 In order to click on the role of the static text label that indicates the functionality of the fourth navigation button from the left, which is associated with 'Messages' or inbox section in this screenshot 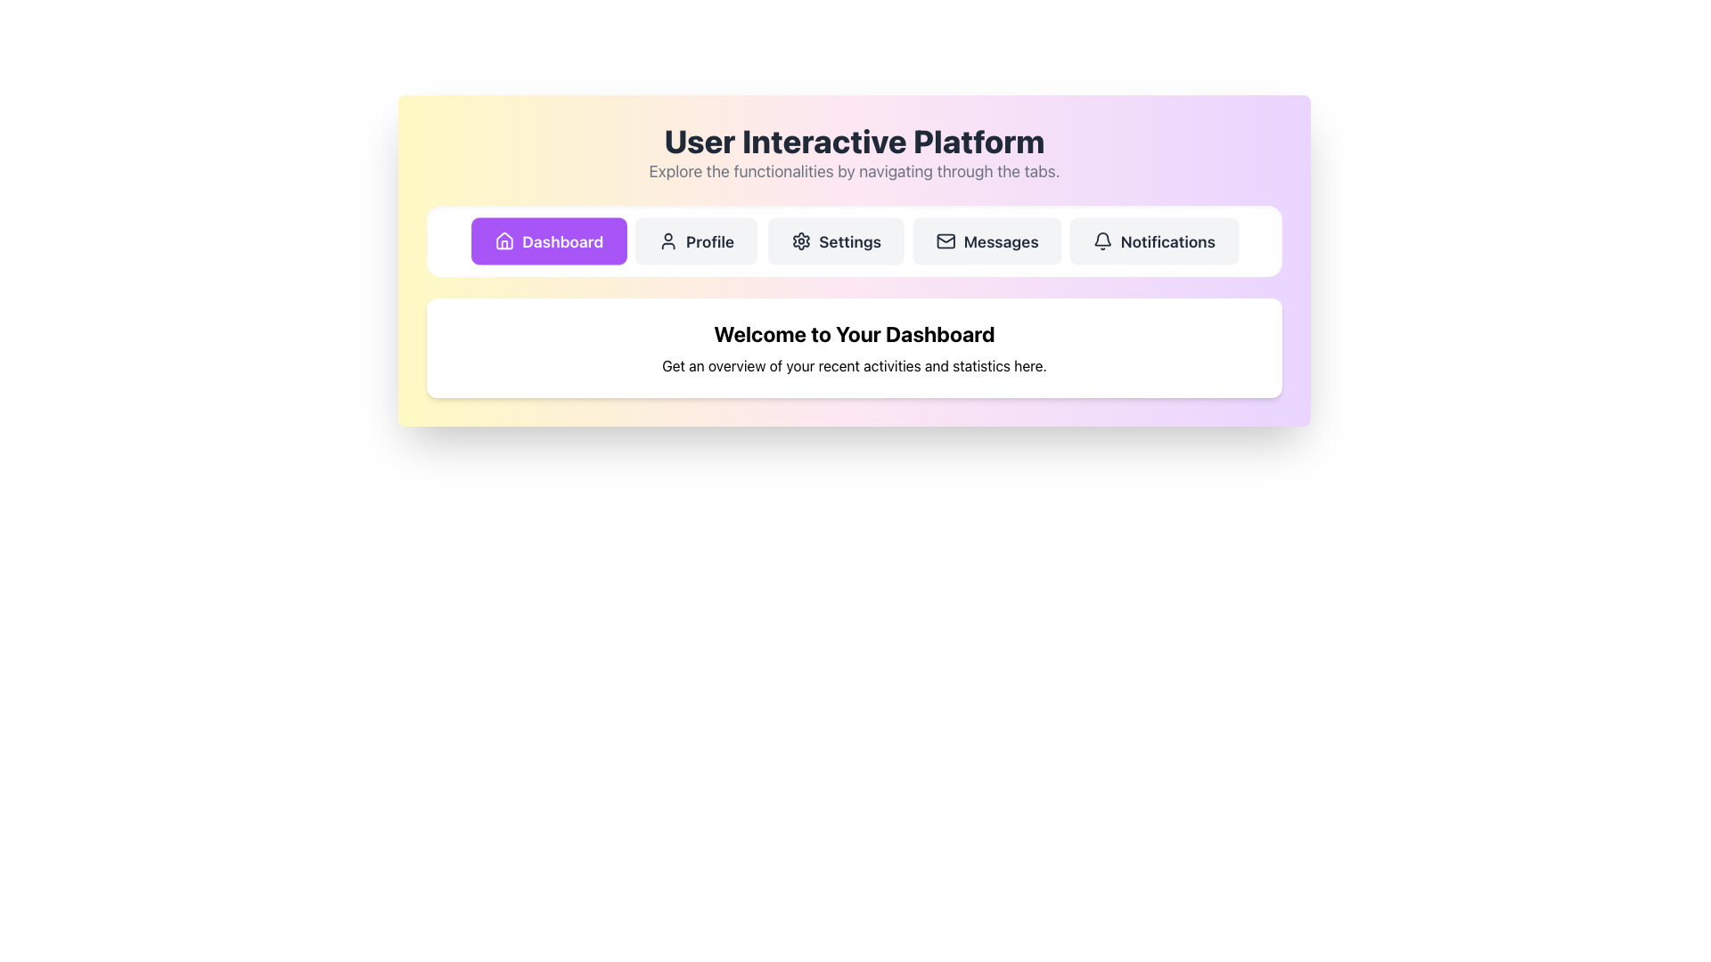, I will do `click(1001, 240)`.